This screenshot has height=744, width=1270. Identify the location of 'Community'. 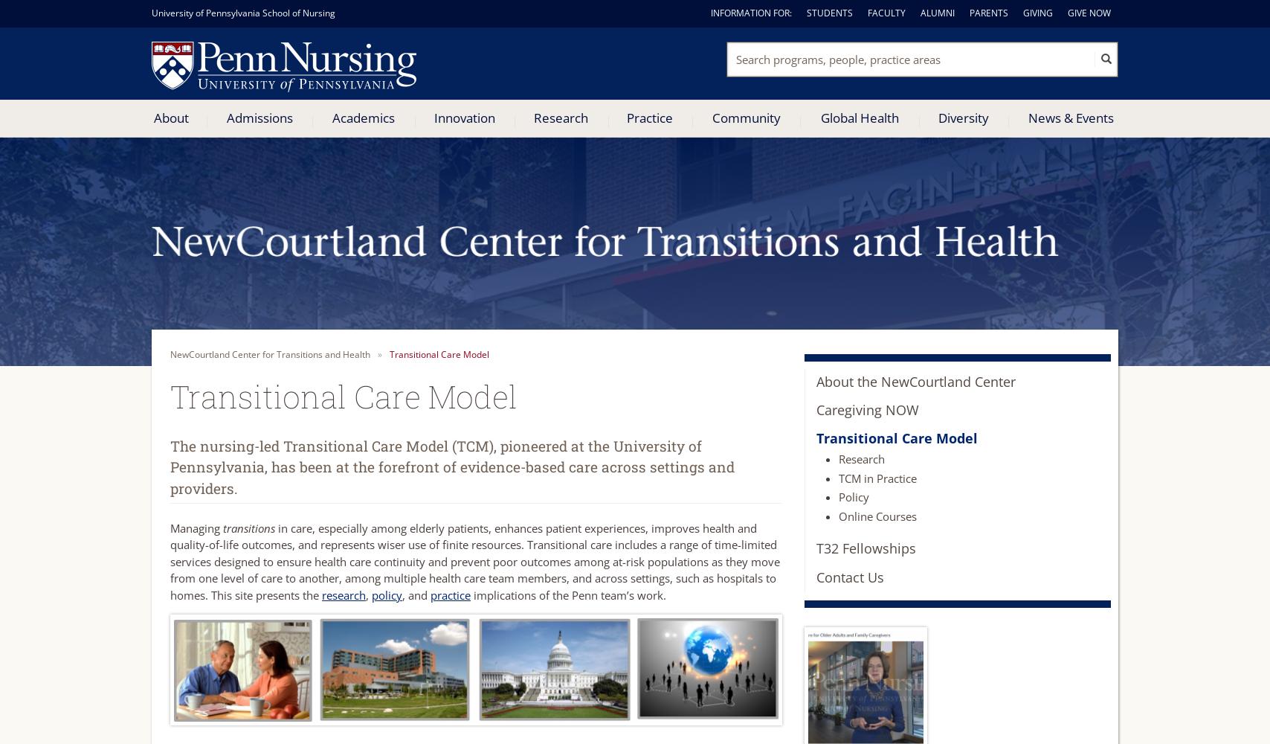
(745, 117).